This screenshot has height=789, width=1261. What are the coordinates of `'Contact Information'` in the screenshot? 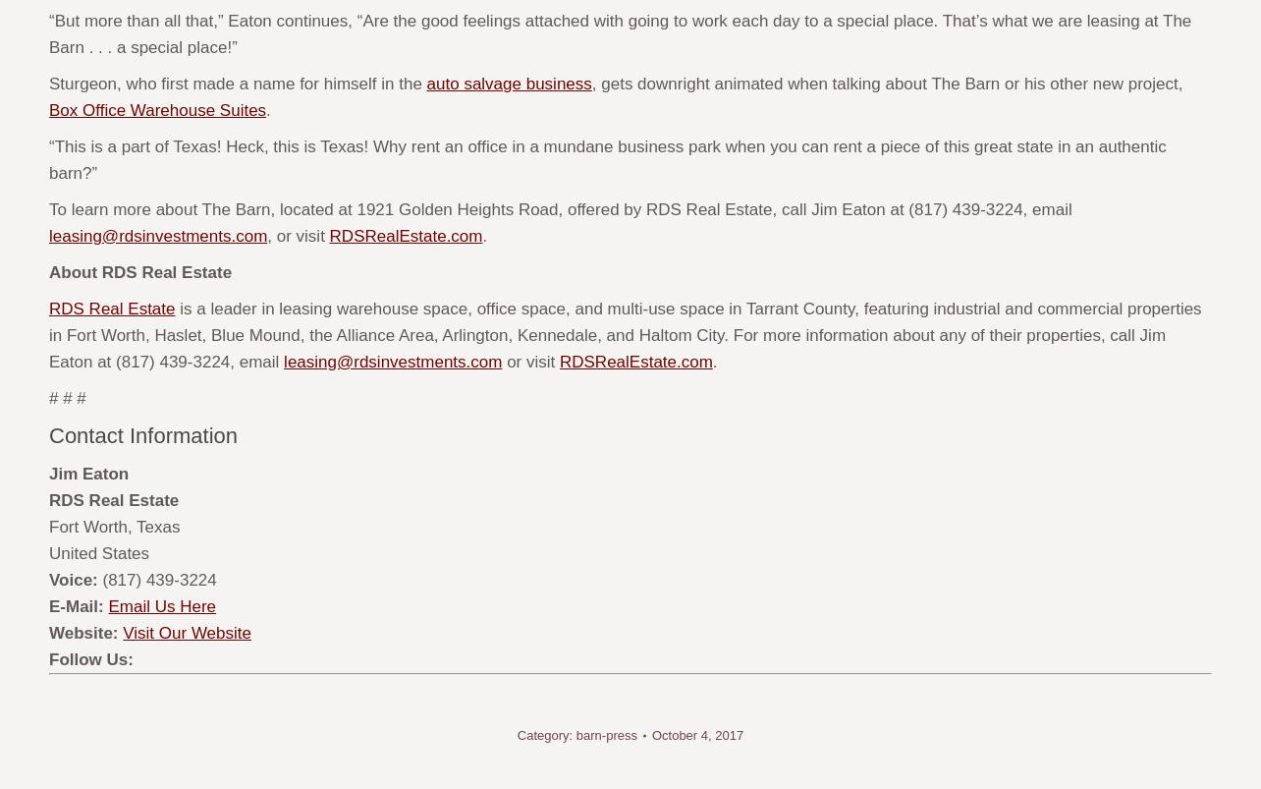 It's located at (142, 434).